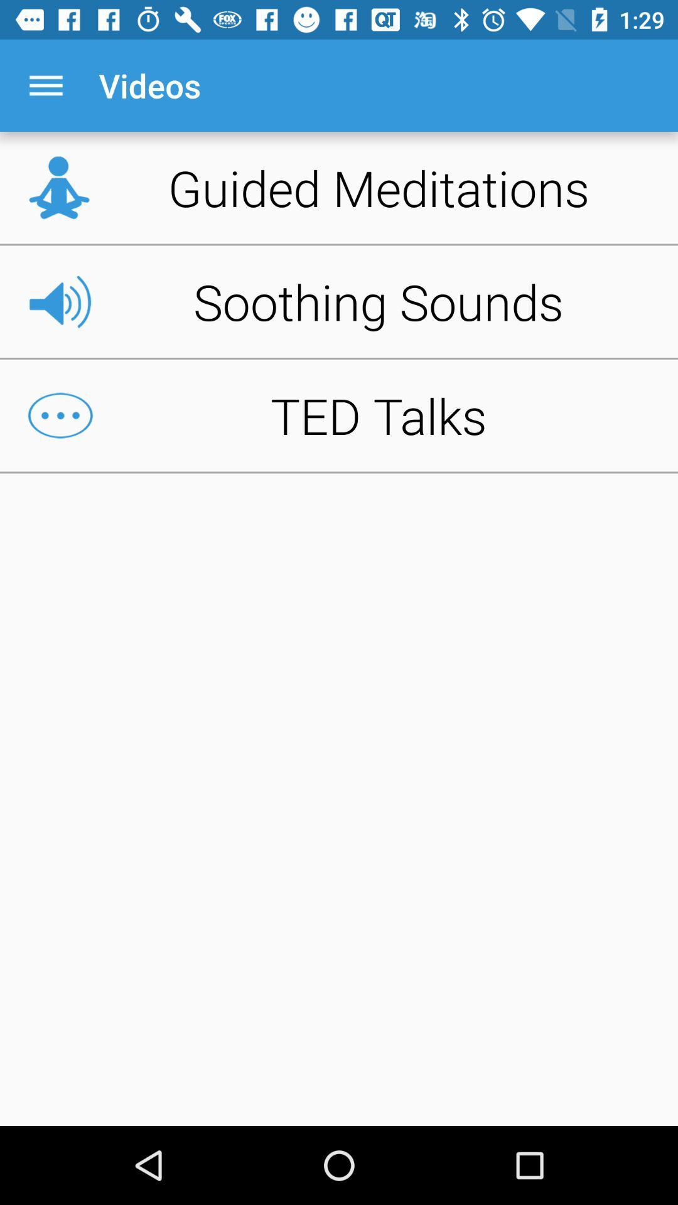  What do you see at coordinates (45, 85) in the screenshot?
I see `the icon next to the videos item` at bounding box center [45, 85].